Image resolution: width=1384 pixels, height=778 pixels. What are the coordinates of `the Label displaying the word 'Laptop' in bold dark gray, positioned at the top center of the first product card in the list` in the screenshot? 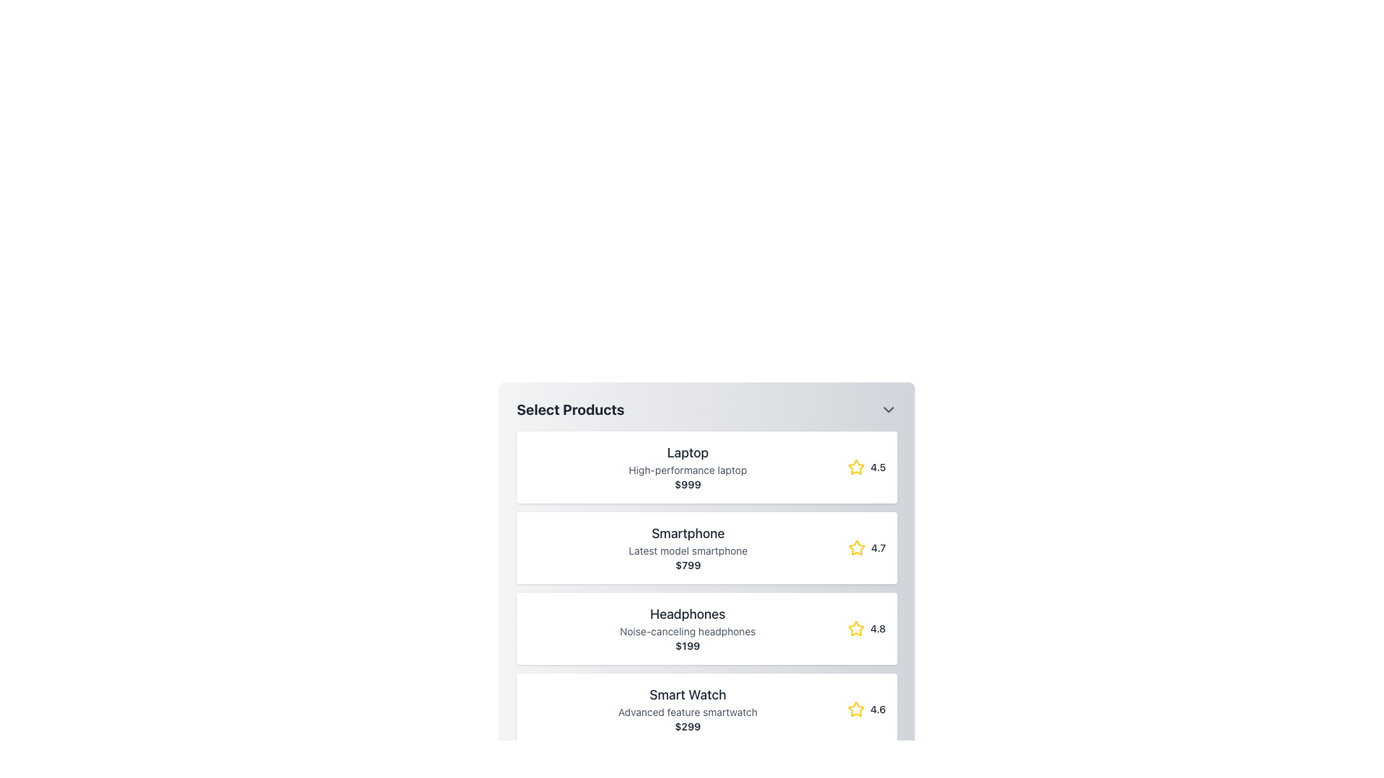 It's located at (687, 452).